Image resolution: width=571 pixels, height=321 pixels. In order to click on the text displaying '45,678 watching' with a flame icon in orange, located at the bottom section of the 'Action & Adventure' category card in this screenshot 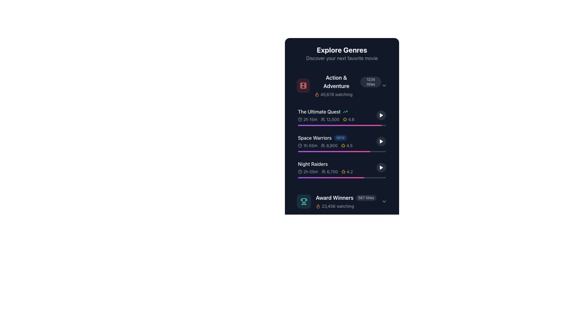, I will do `click(348, 94)`.